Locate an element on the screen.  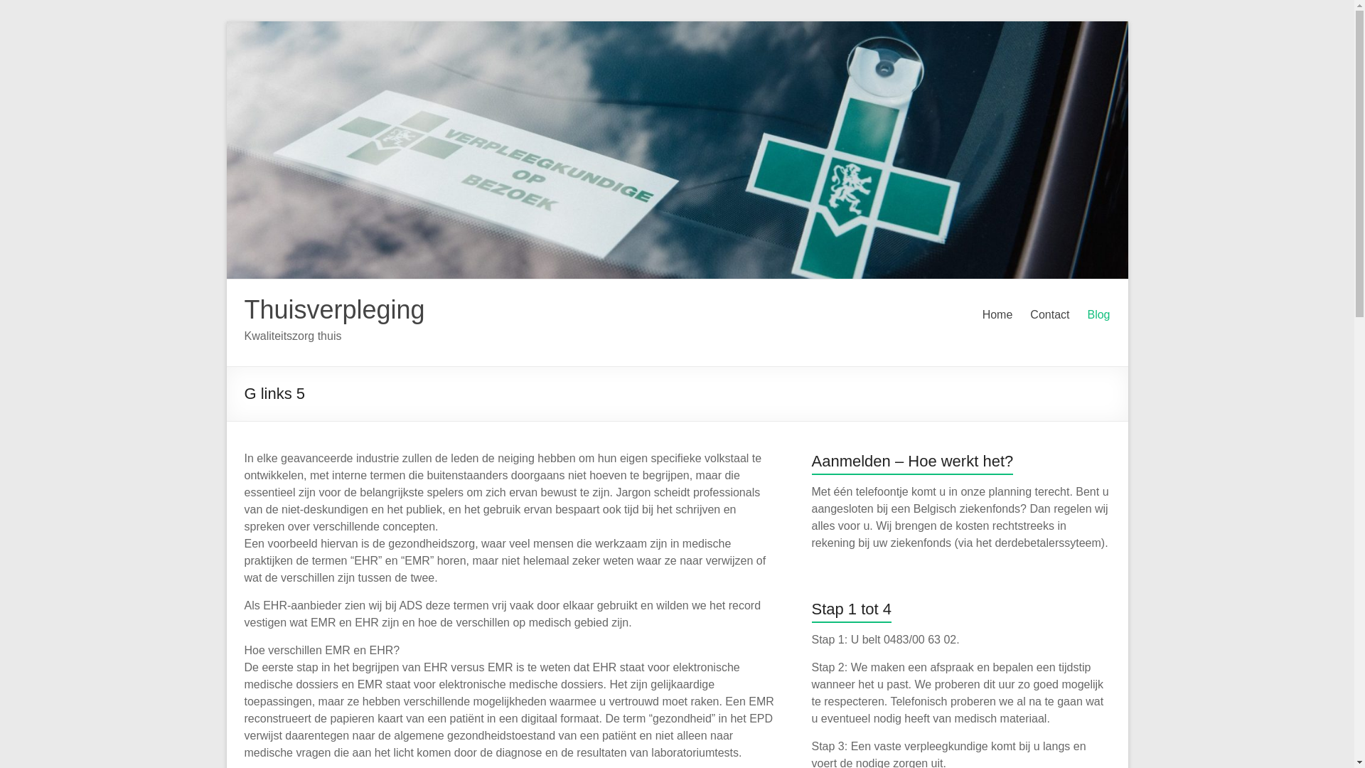
'Home' is located at coordinates (997, 314).